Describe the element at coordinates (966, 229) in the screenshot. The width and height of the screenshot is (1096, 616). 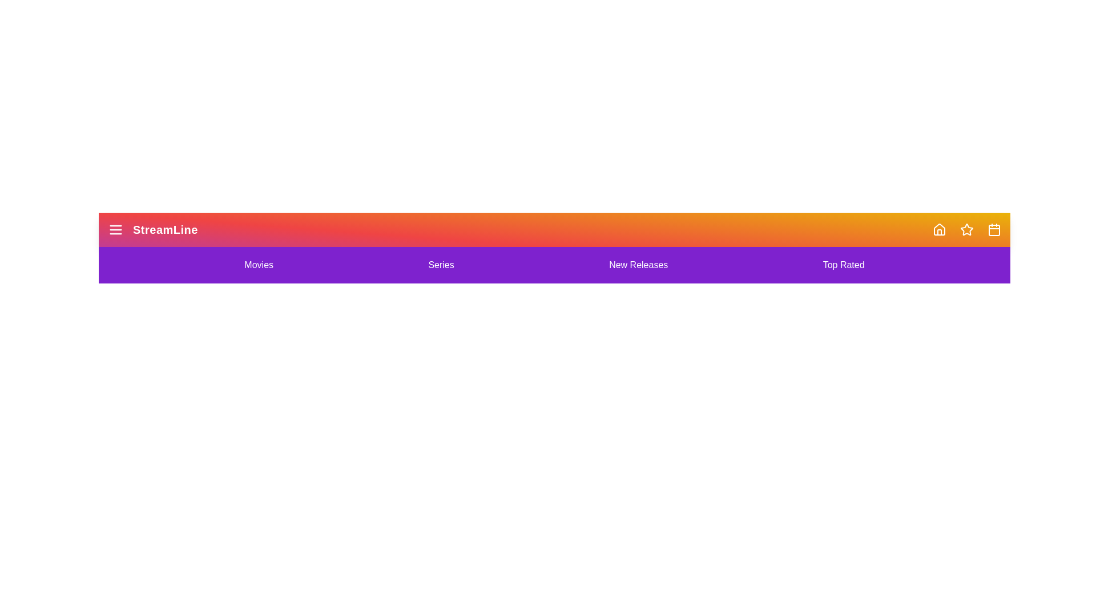
I see `the navigation icon corresponding to Star` at that location.